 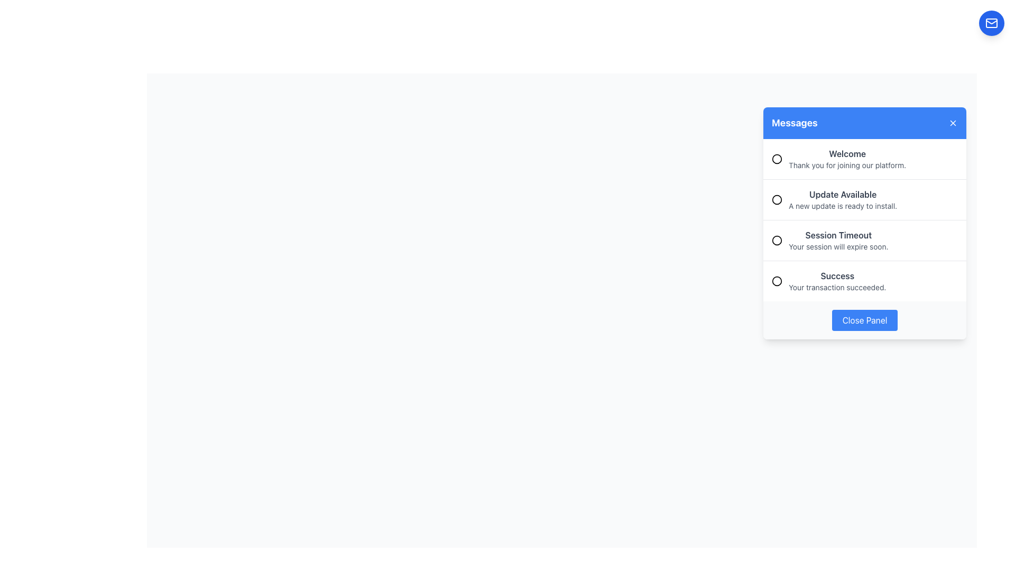 What do you see at coordinates (838, 246) in the screenshot?
I see `the secondary informational text label related to the 'Session Timeout' notification, which is positioned beneath the 'Session Timeout' title in the Messages panel` at bounding box center [838, 246].